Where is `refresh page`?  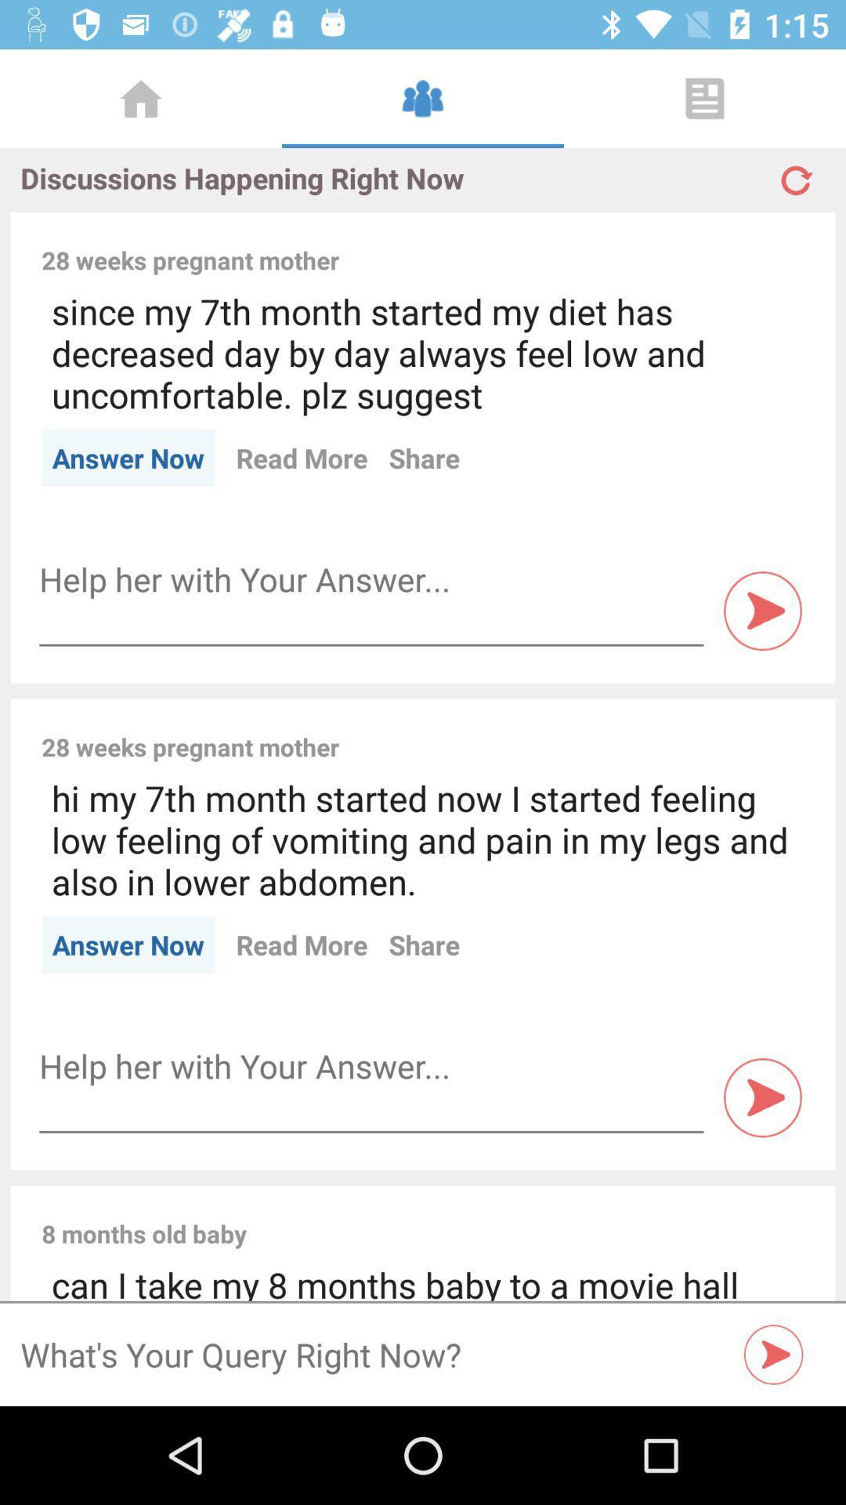
refresh page is located at coordinates (794, 173).